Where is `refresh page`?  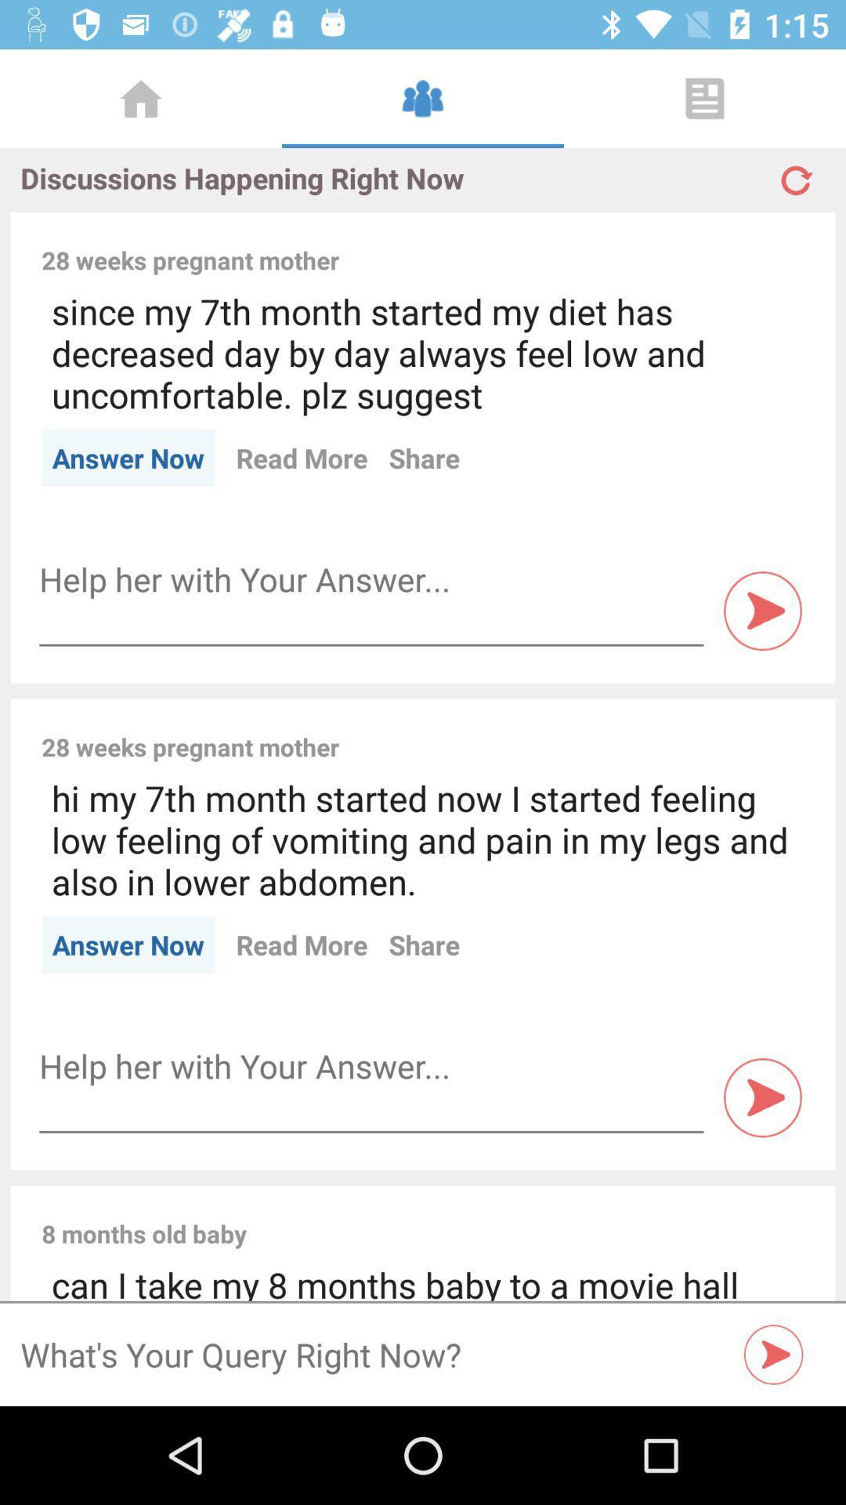
refresh page is located at coordinates (794, 173).